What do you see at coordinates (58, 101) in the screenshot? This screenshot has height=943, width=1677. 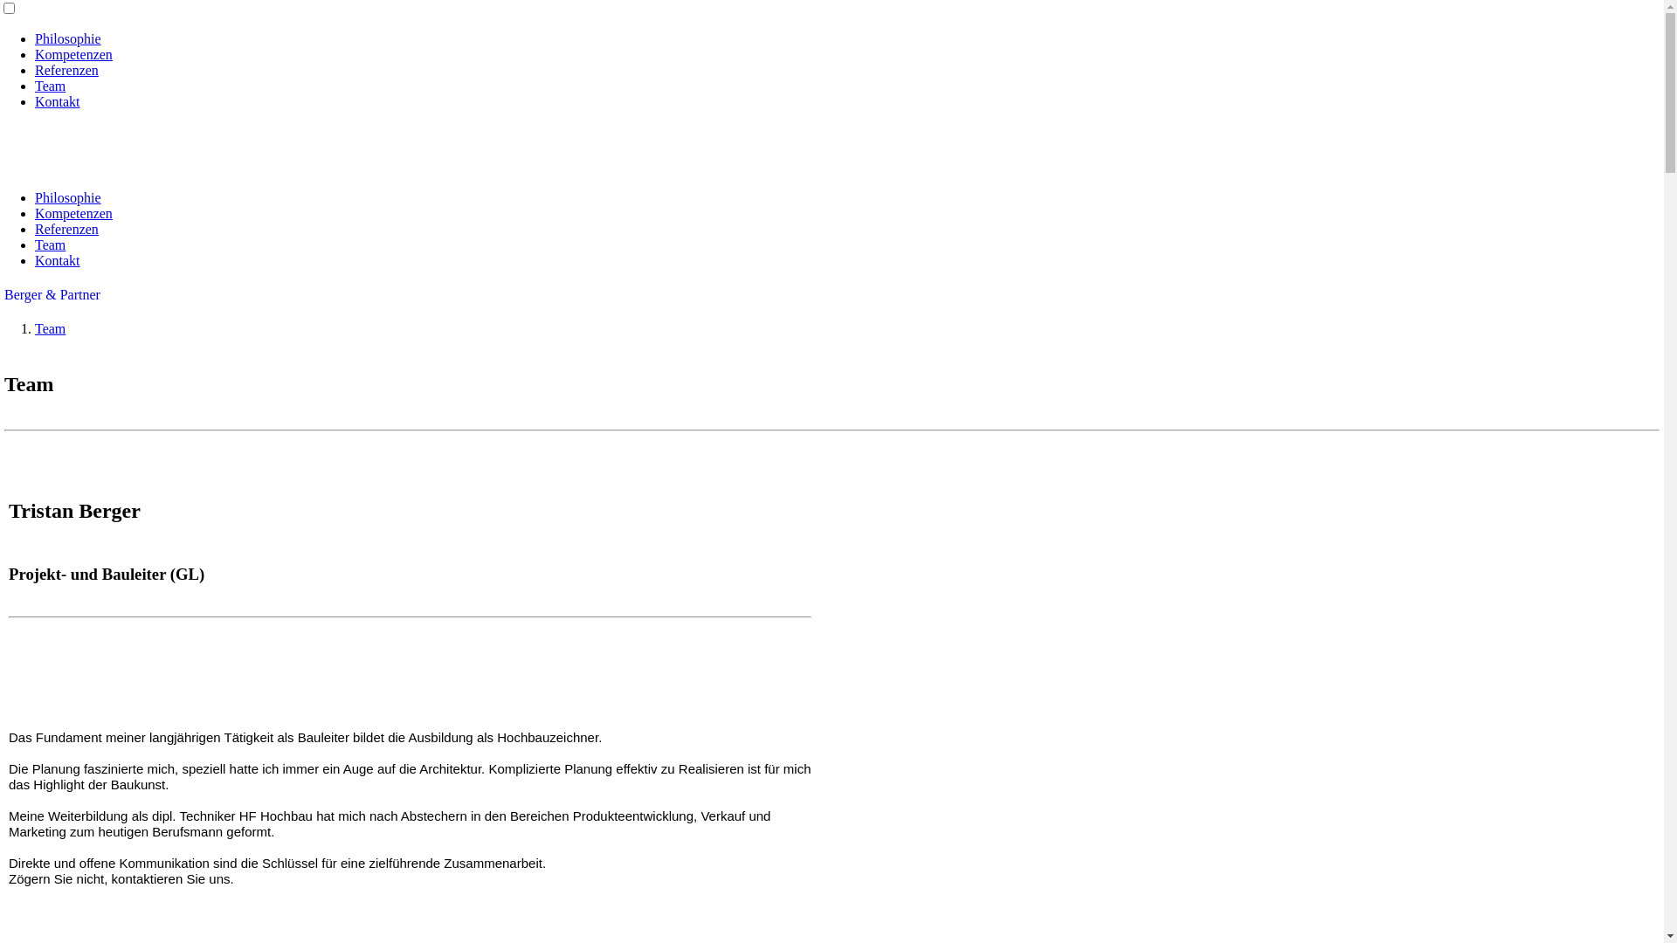 I see `'Kontakt'` at bounding box center [58, 101].